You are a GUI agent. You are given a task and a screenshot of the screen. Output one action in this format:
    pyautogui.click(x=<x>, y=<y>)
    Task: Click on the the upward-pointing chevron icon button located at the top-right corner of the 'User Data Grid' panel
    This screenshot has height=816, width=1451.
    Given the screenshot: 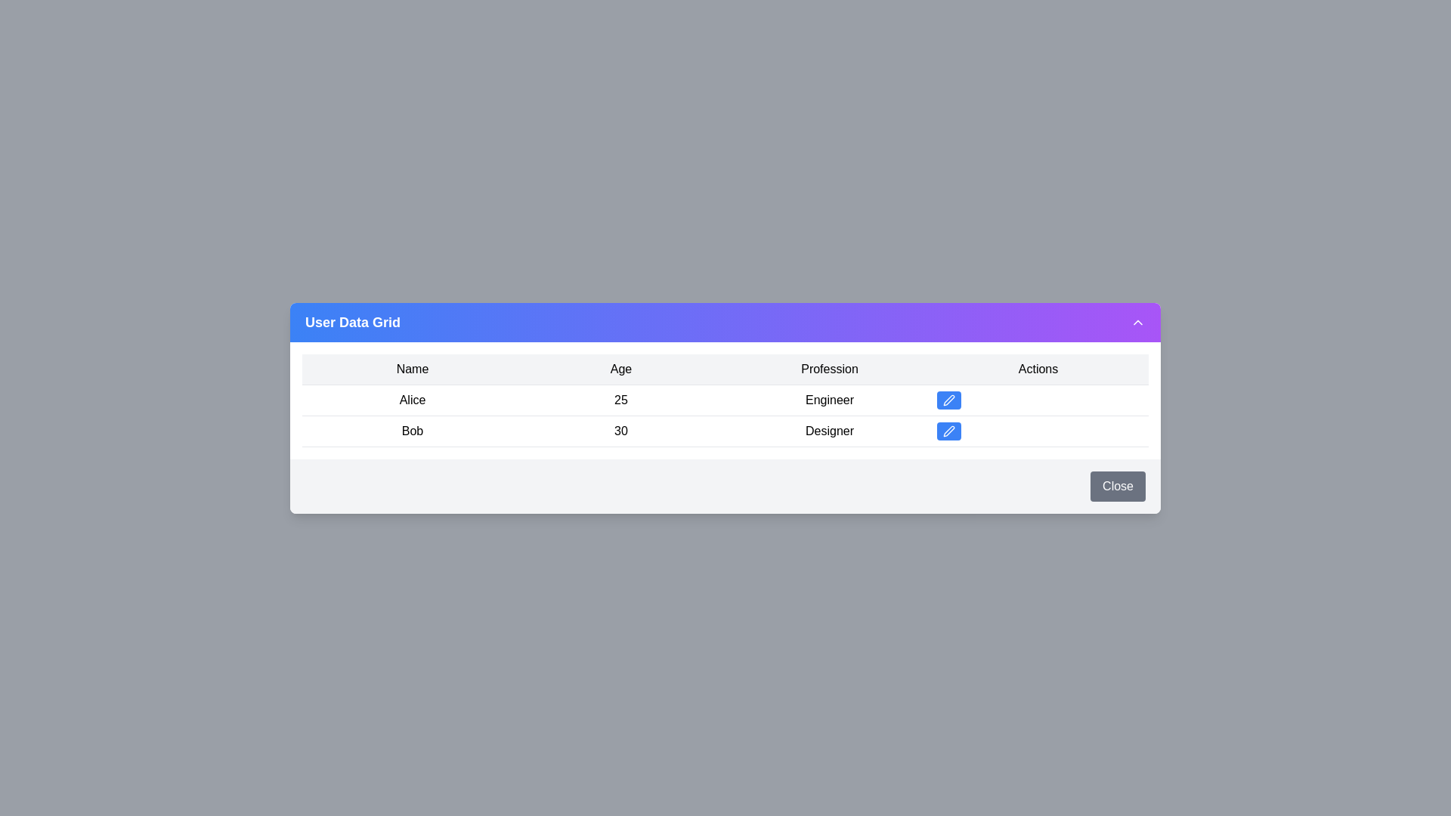 What is the action you would take?
    pyautogui.click(x=1138, y=320)
    